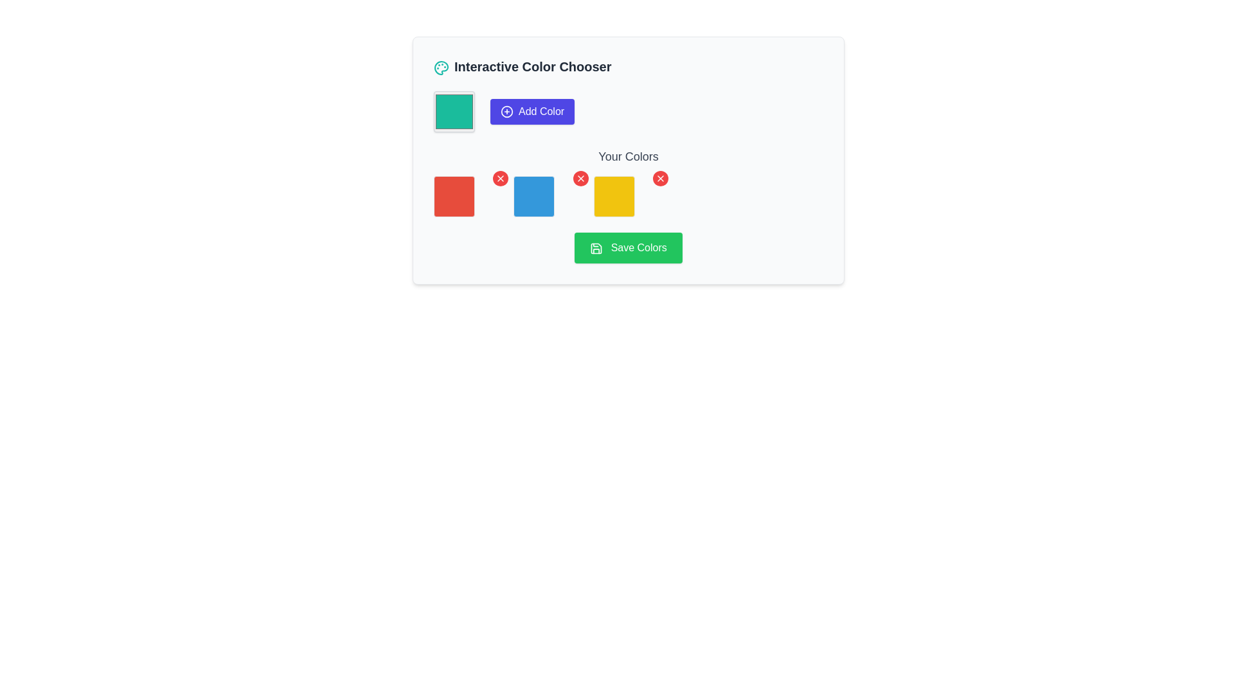 Image resolution: width=1234 pixels, height=694 pixels. I want to click on the third colored square in the 'Your Colors' section of the color chooser interface, which visually represents a color selection, so click(613, 196).